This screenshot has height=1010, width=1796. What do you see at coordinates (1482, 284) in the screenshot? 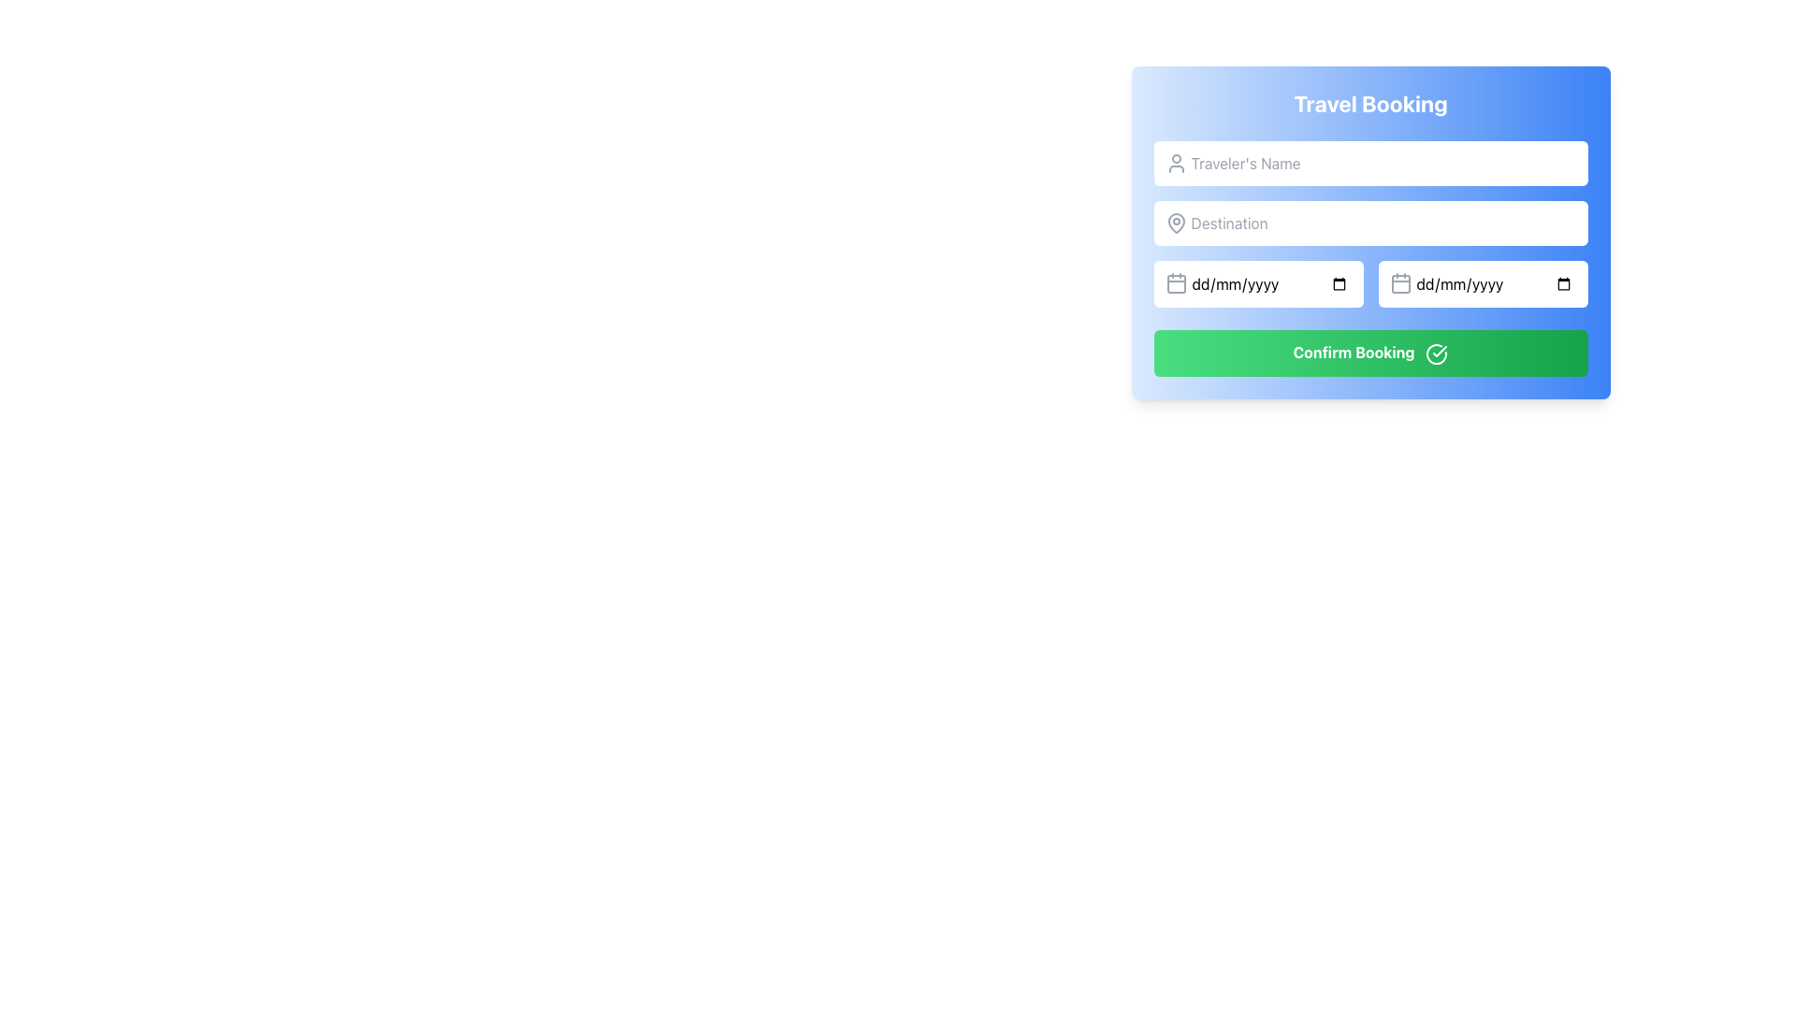
I see `the date input field with placeholder text 'dd/mm/yyyy' in the travel booking form to focus on it` at bounding box center [1482, 284].